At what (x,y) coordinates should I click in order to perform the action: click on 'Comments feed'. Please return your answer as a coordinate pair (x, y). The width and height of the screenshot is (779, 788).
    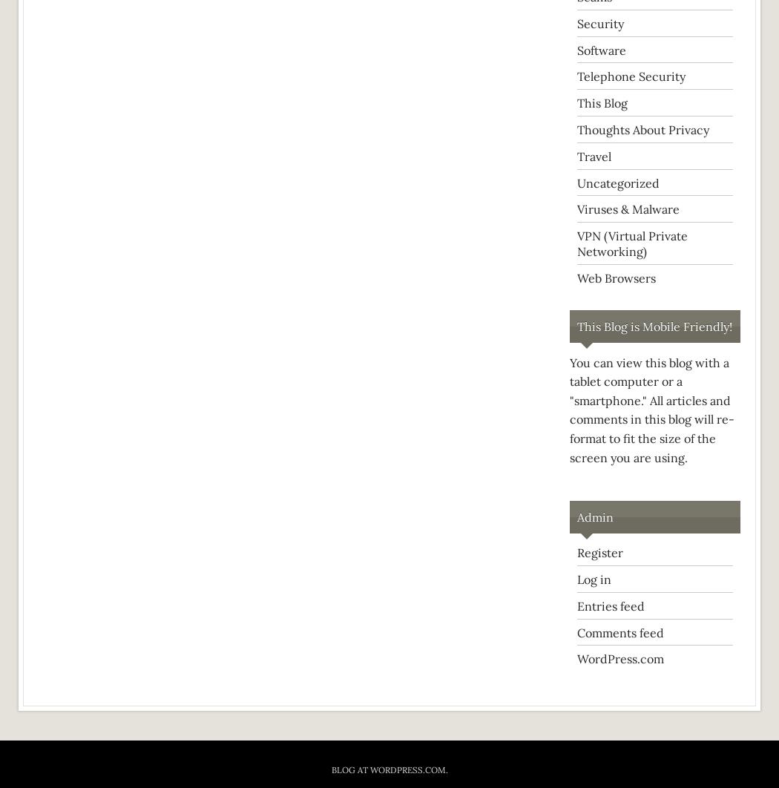
    Looking at the image, I should click on (577, 631).